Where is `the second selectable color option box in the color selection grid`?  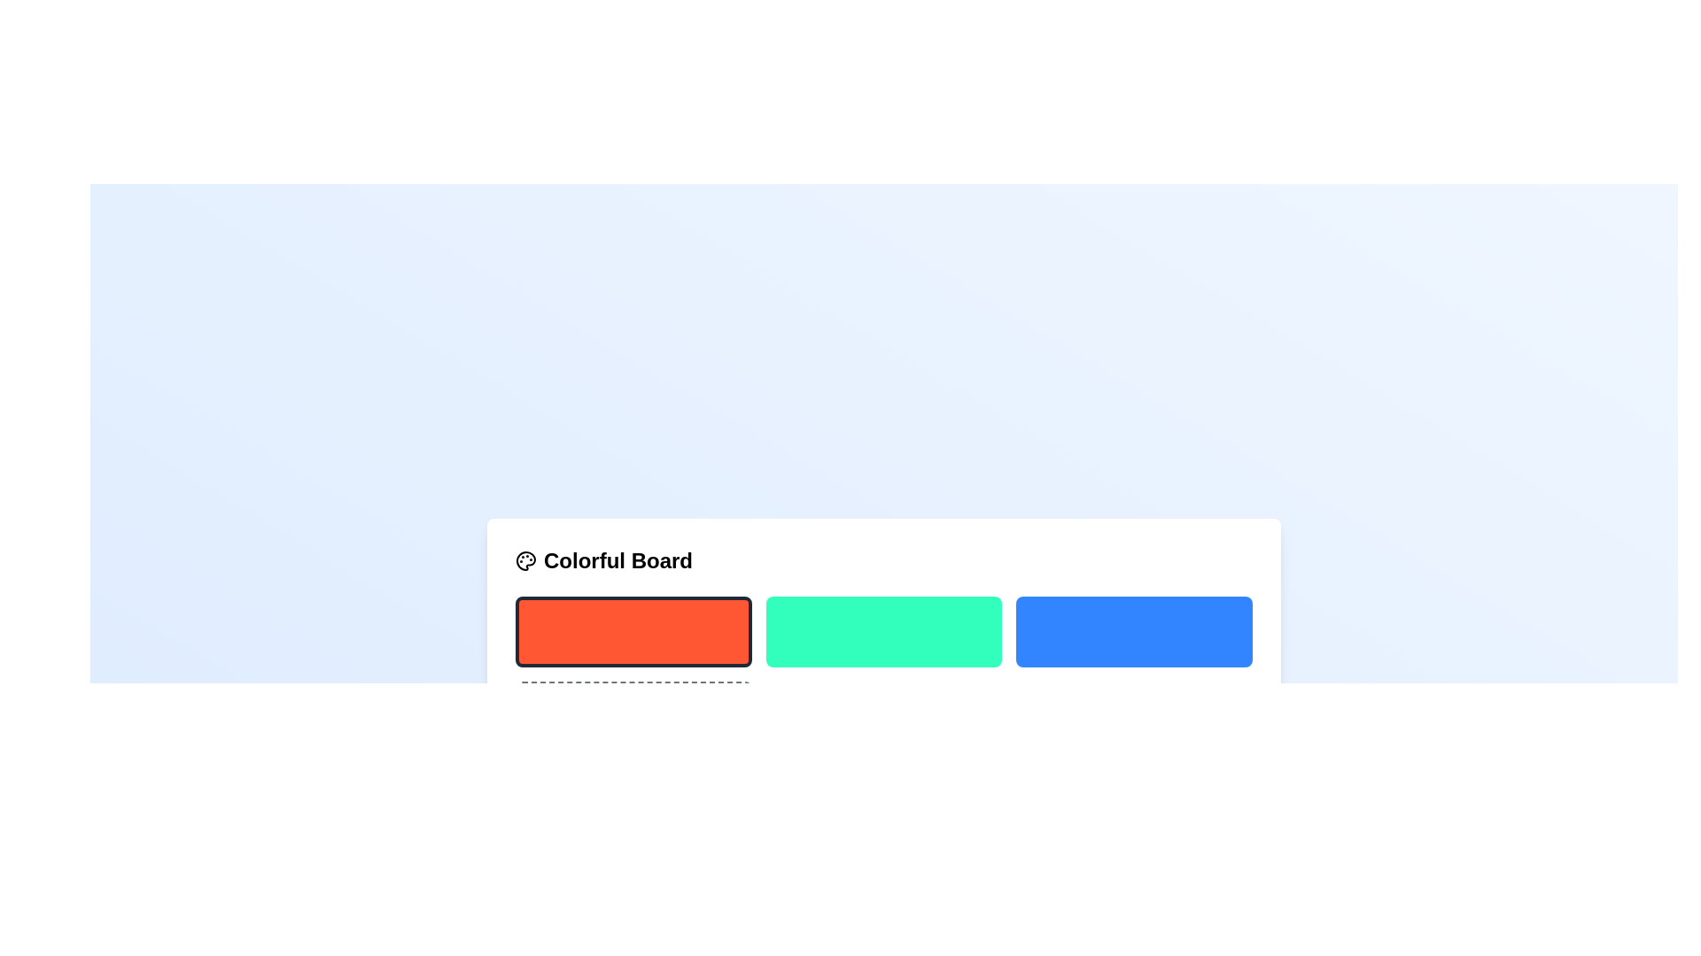 the second selectable color option box in the color selection grid is located at coordinates (884, 662).